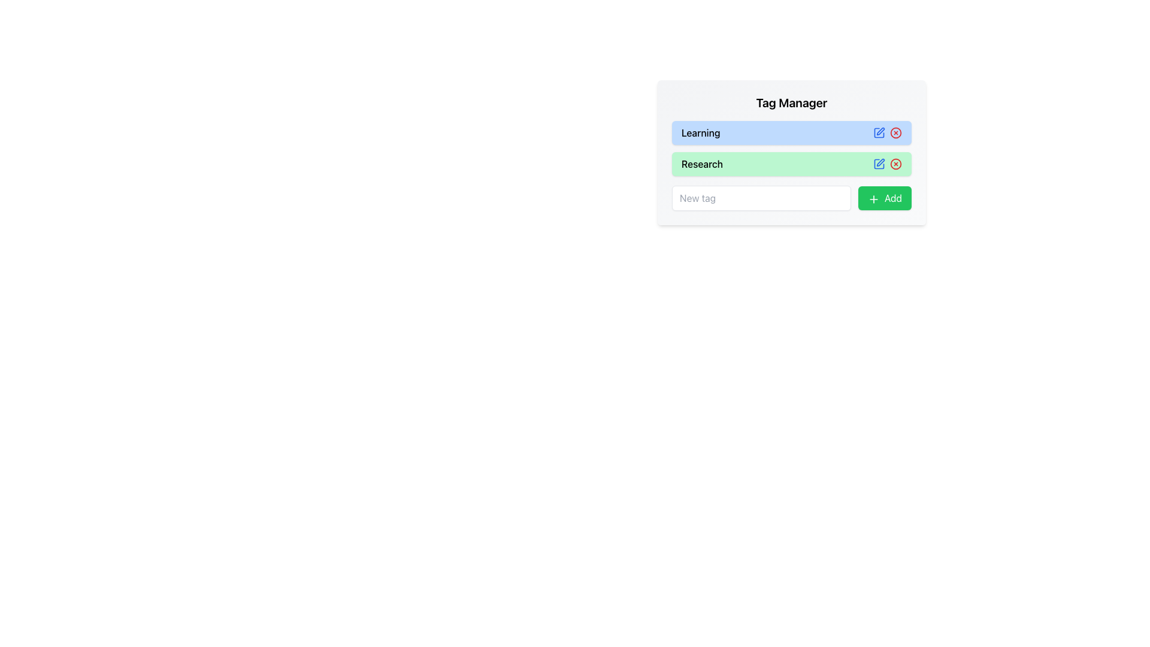 The height and width of the screenshot is (647, 1150). Describe the element at coordinates (896, 133) in the screenshot. I see `the delete button located as the second icon in the horizontal arrangement next to the 'Learning' label in the 'Tag Manager' panel` at that location.